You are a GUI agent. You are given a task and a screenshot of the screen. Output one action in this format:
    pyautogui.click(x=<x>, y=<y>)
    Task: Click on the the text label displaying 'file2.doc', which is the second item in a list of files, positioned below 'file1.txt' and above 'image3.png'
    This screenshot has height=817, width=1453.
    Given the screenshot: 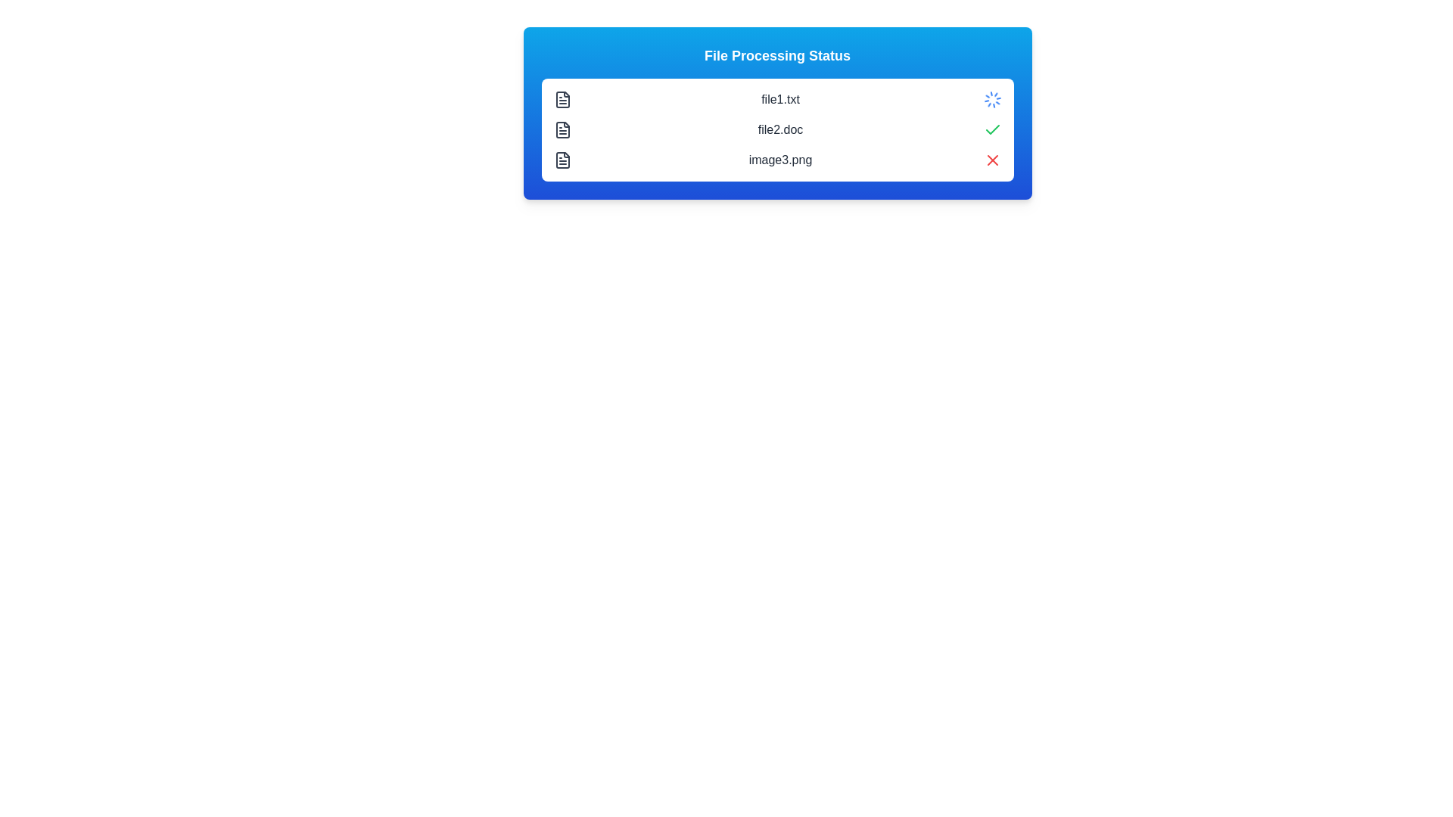 What is the action you would take?
    pyautogui.click(x=780, y=129)
    